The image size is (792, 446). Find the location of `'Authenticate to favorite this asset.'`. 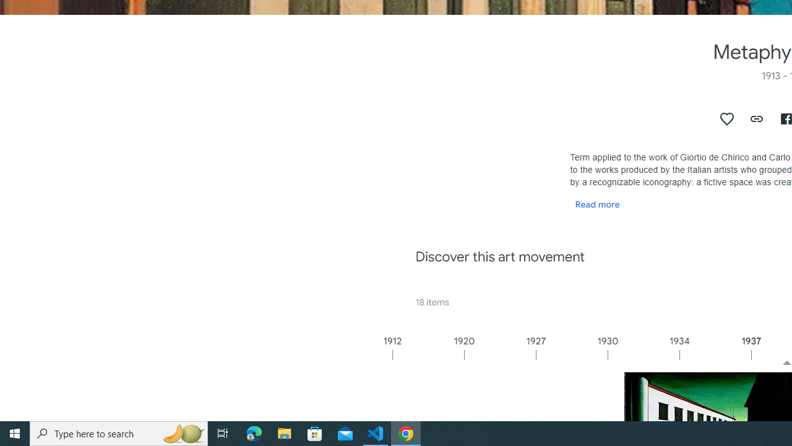

'Authenticate to favorite this asset.' is located at coordinates (727, 118).